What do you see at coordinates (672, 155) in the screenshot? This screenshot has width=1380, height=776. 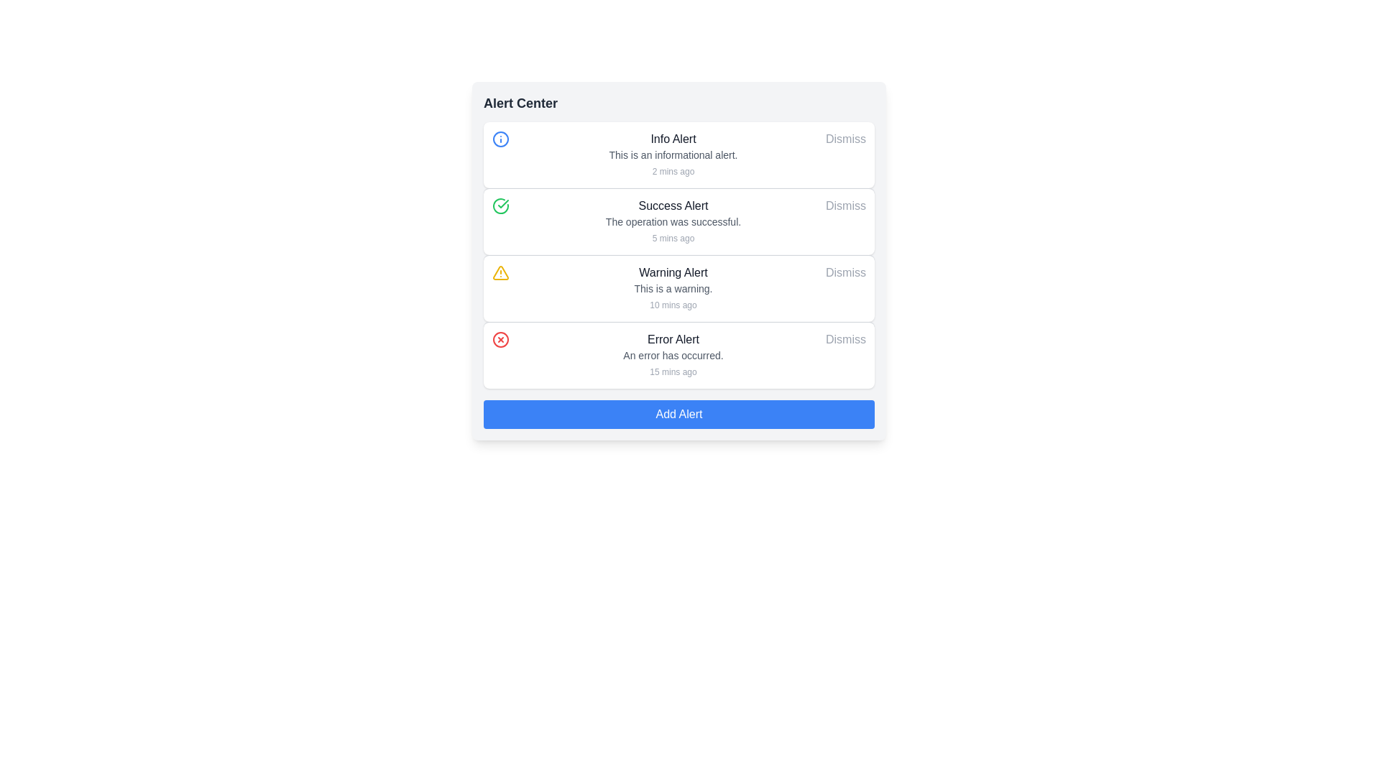 I see `the topmost informational alert message in the alert panel, which is adjacent to a blue 'info' icon on the left and a 'Dismiss' button on the right` at bounding box center [672, 155].